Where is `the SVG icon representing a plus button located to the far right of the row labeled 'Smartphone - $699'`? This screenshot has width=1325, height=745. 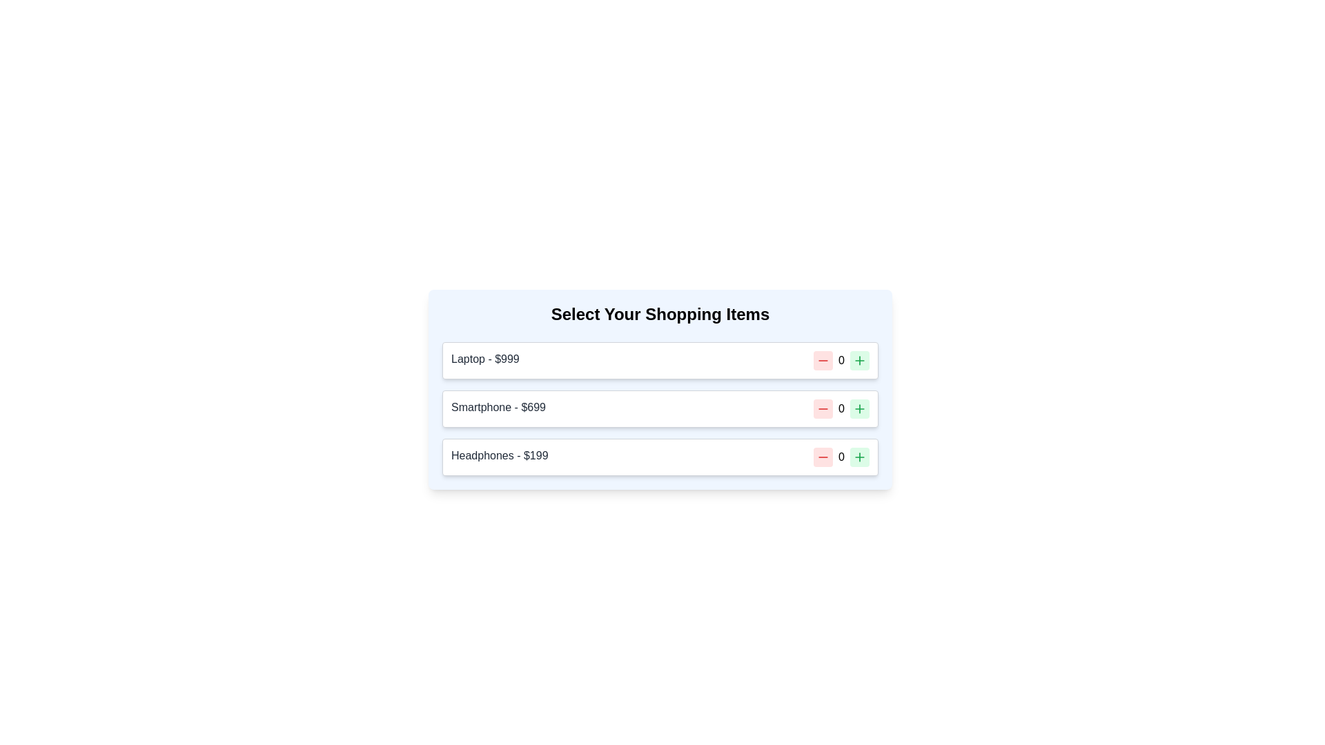 the SVG icon representing a plus button located to the far right of the row labeled 'Smartphone - $699' is located at coordinates (859, 408).